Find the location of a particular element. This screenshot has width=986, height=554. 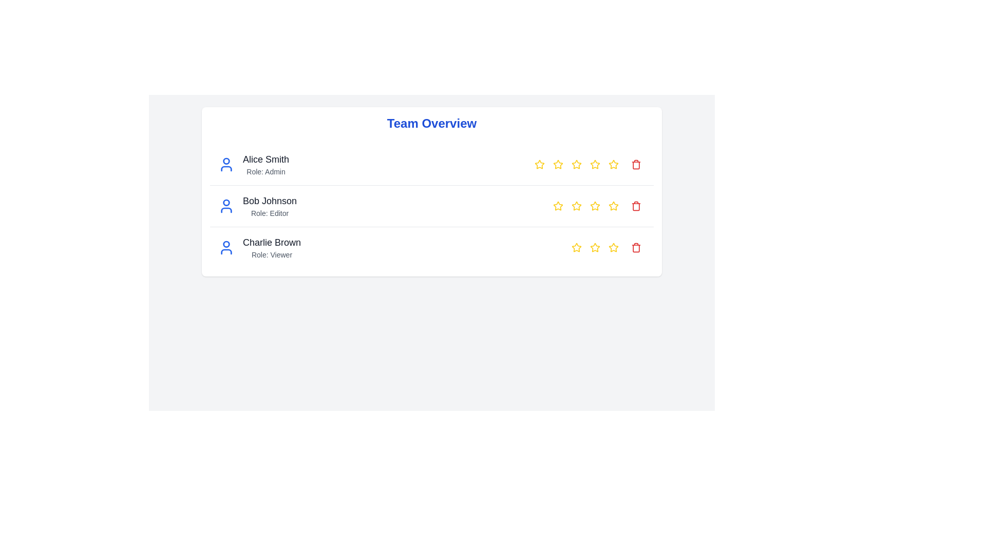

the Information display panel featuring 'Bob Johnson' and 'Role: Editor' is located at coordinates (257, 206).